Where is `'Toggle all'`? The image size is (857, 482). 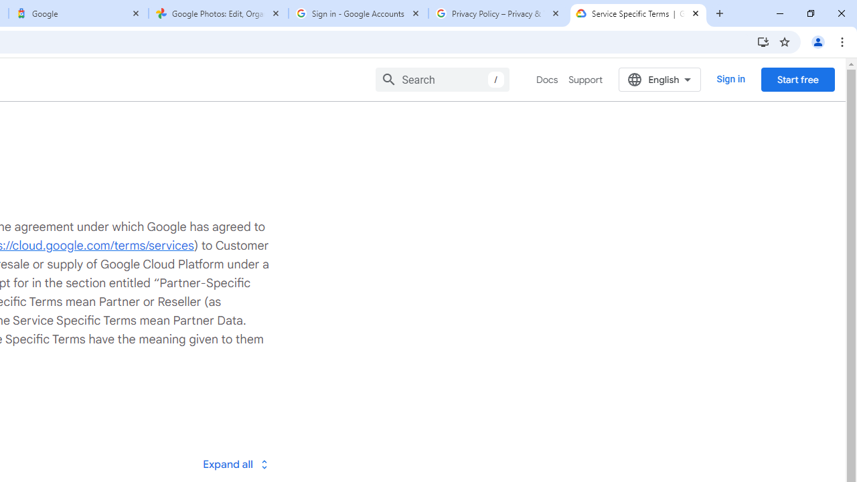
'Toggle all' is located at coordinates (235, 463).